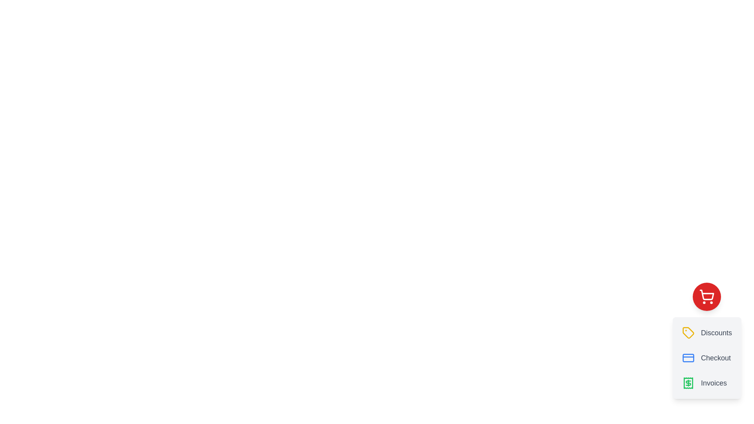 Image resolution: width=754 pixels, height=424 pixels. What do you see at coordinates (707, 358) in the screenshot?
I see `the 'Checkout' button with the blue credit card icon` at bounding box center [707, 358].